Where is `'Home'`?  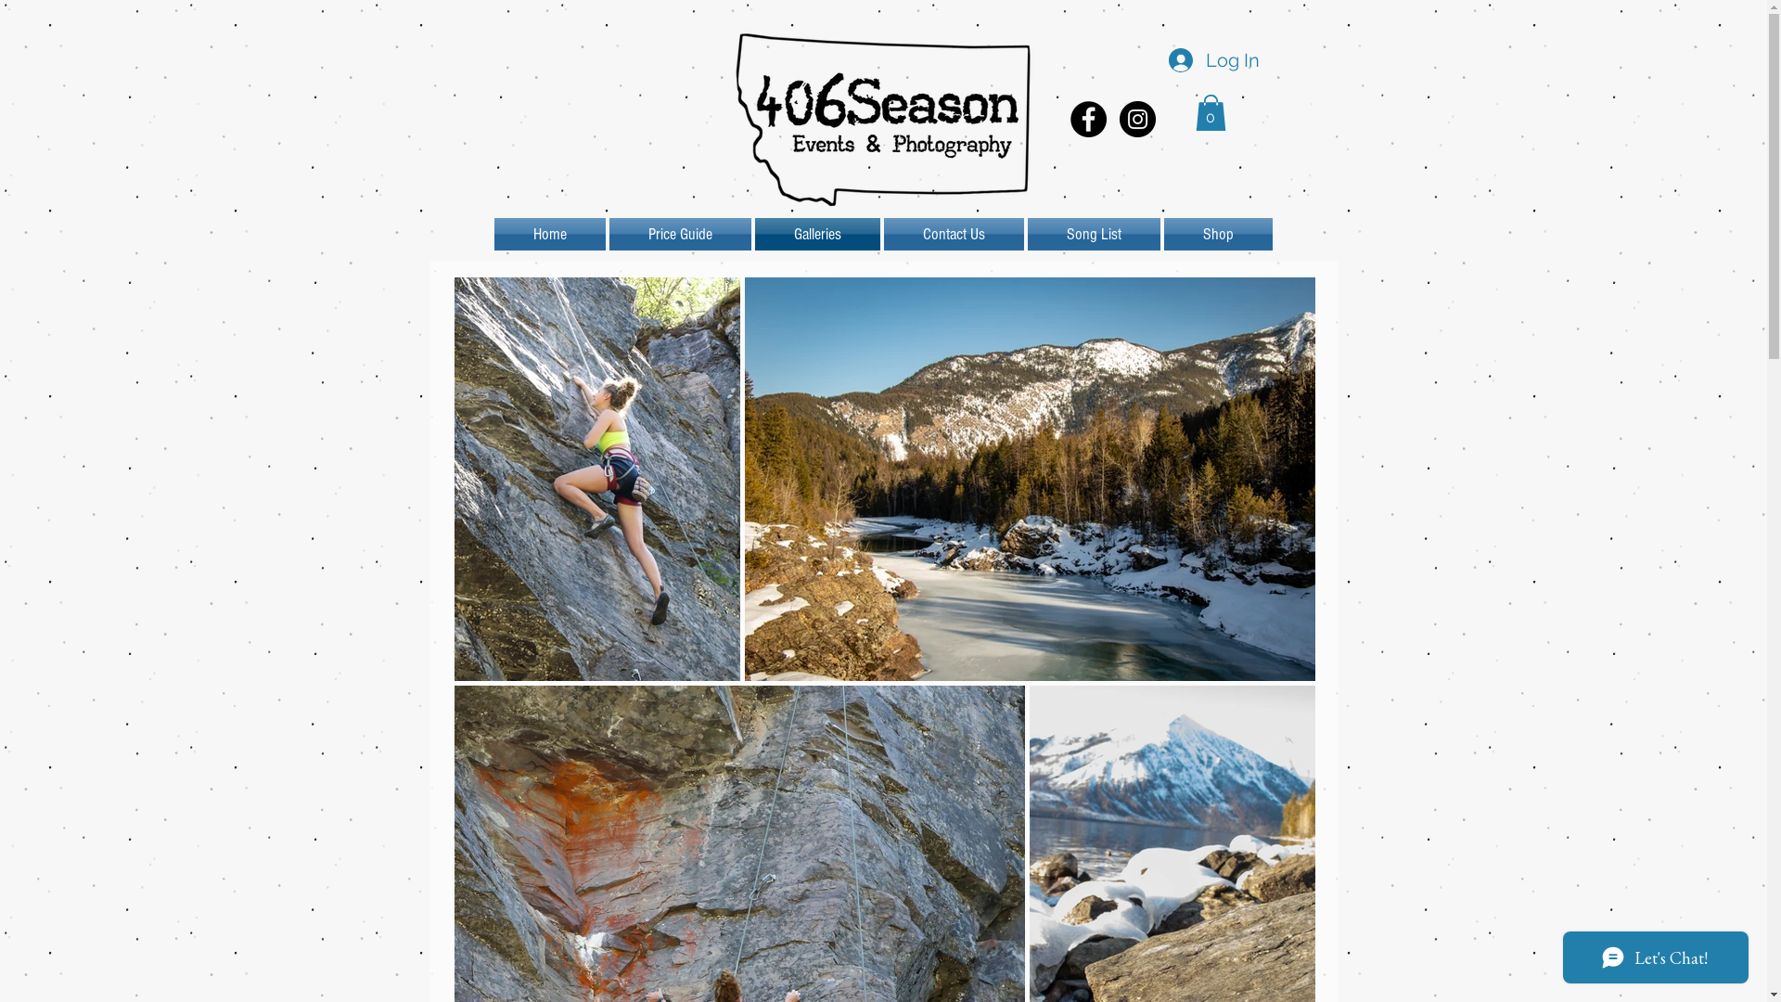
'Home' is located at coordinates (493, 233).